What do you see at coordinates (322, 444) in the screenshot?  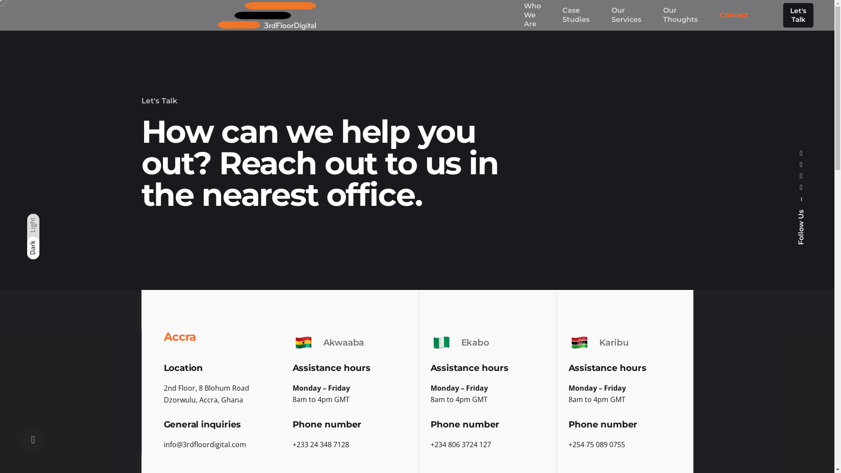 I see `'233 24 348 7128'` at bounding box center [322, 444].